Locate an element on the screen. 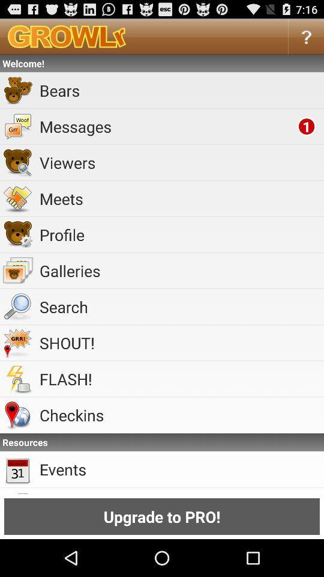 This screenshot has width=324, height=577. the help icon is located at coordinates (306, 39).